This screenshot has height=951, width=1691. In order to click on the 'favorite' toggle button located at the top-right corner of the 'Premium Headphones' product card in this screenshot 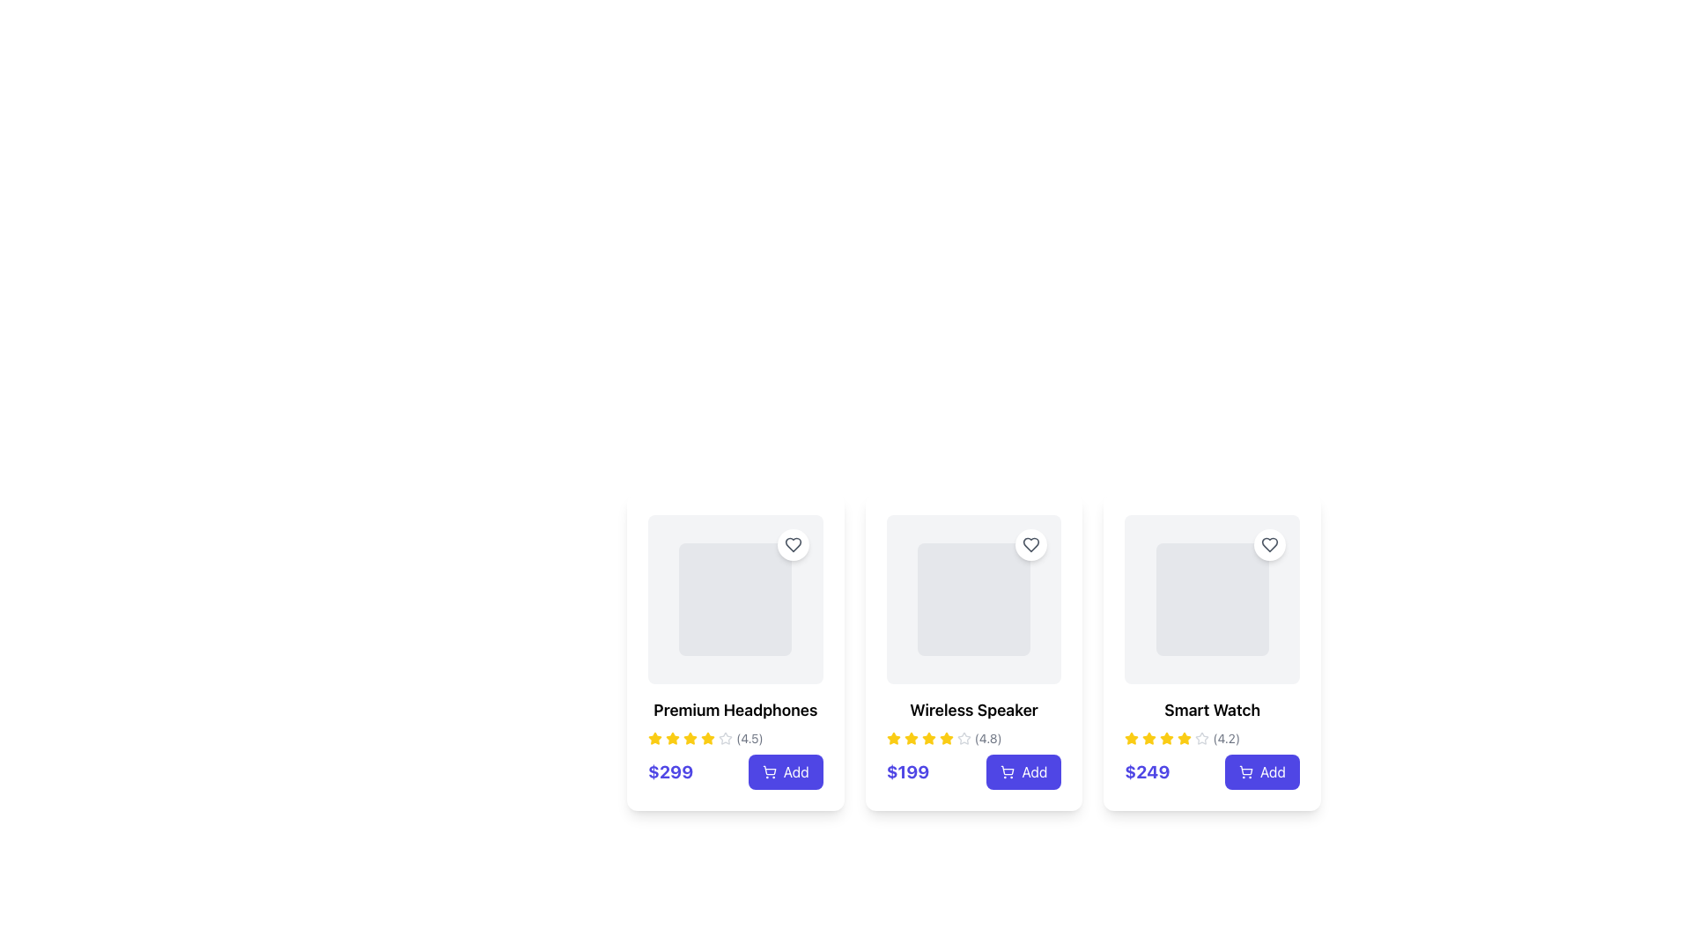, I will do `click(792, 543)`.